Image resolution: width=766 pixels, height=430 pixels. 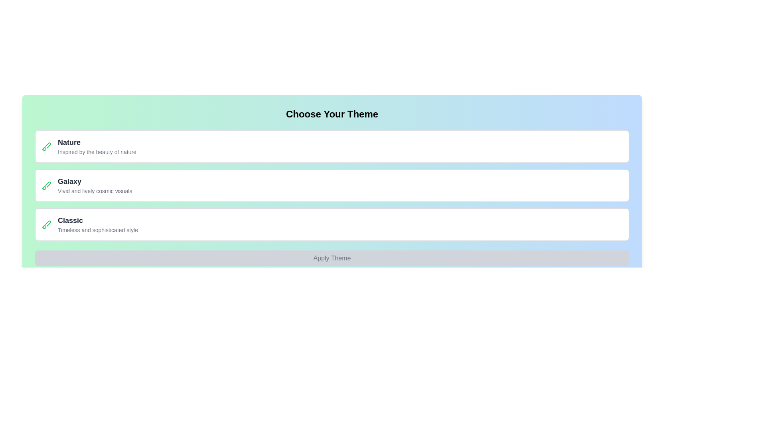 What do you see at coordinates (47, 145) in the screenshot?
I see `the decorative brush icon located within the first option's icon group to the left of the 'Nature' text area` at bounding box center [47, 145].